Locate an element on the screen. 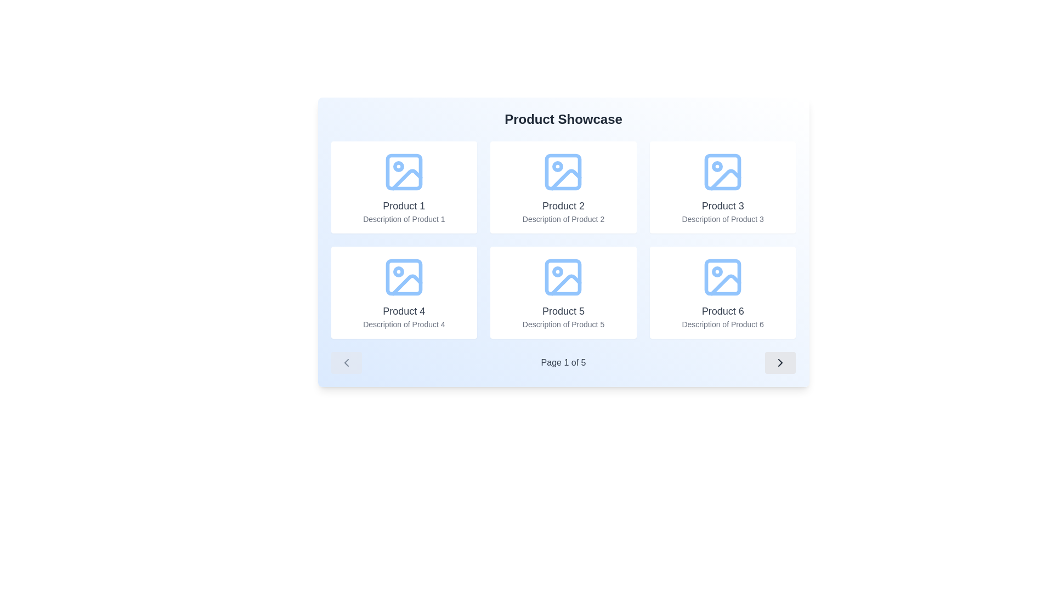  the rightward-pointing chevron icon located at the bottom-right corner of the main display area is located at coordinates (780, 363).